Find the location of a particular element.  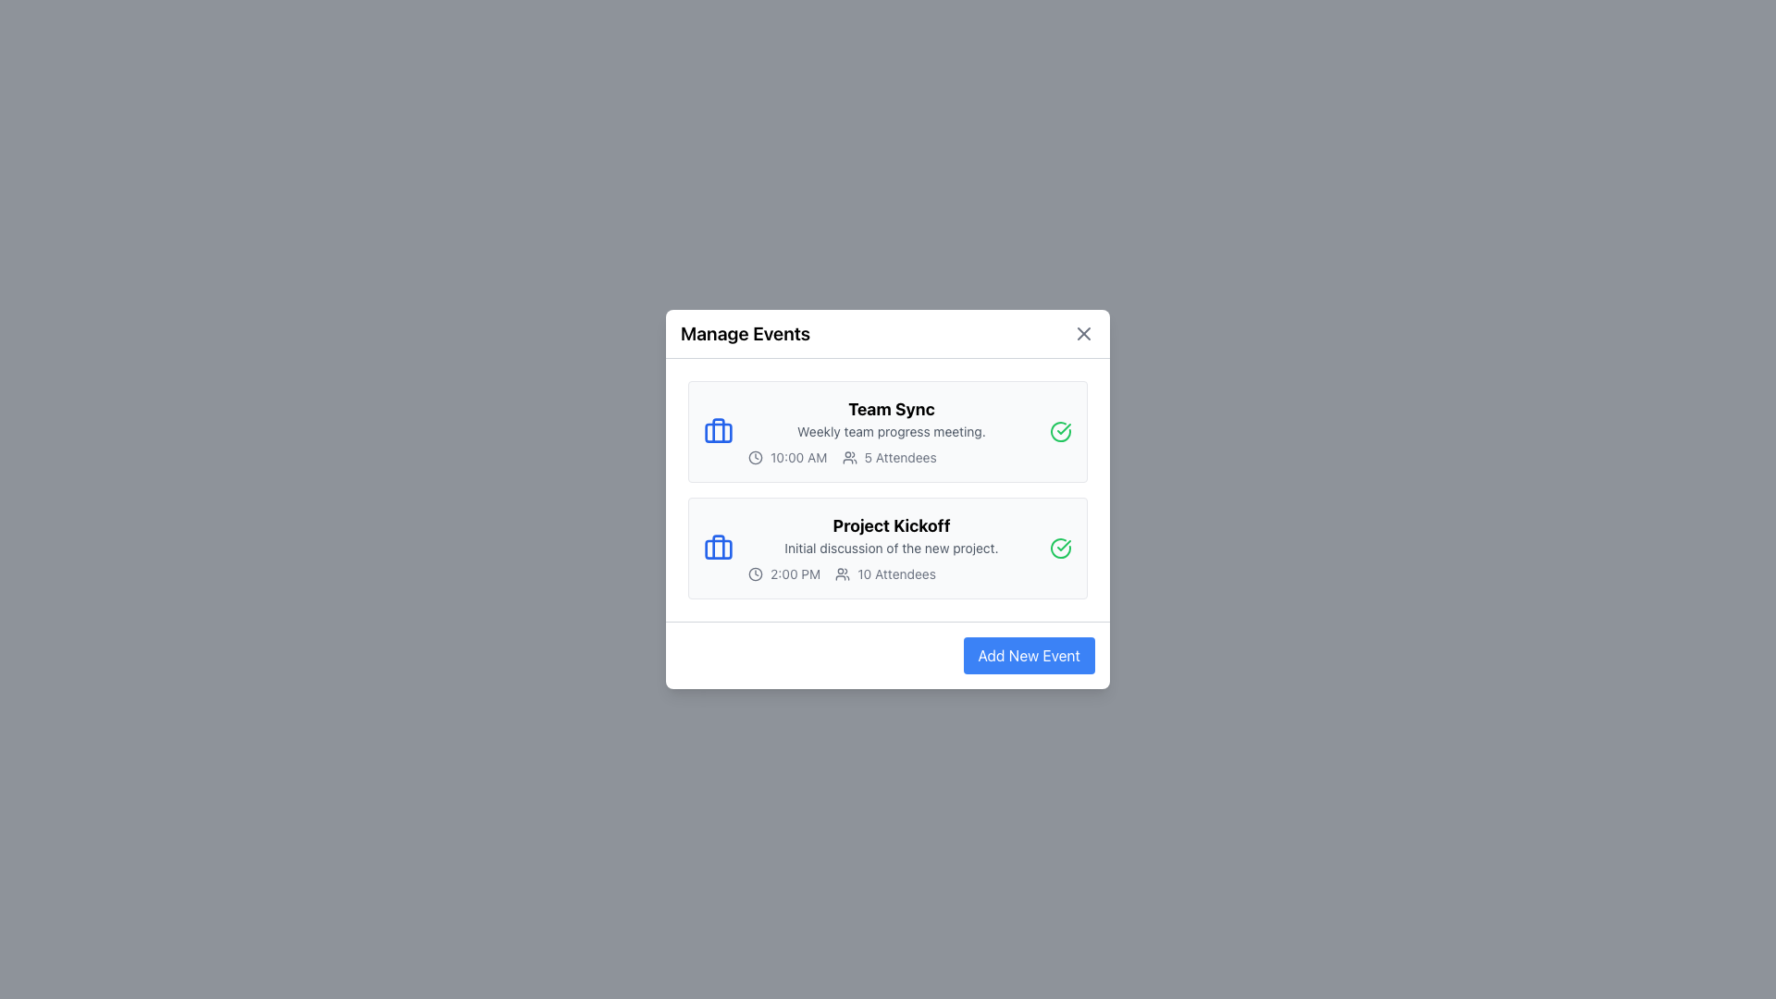

the green checkmark icon representing the successful completion of the 'Project Kickoff' event located in the second event row is located at coordinates (1064, 428).